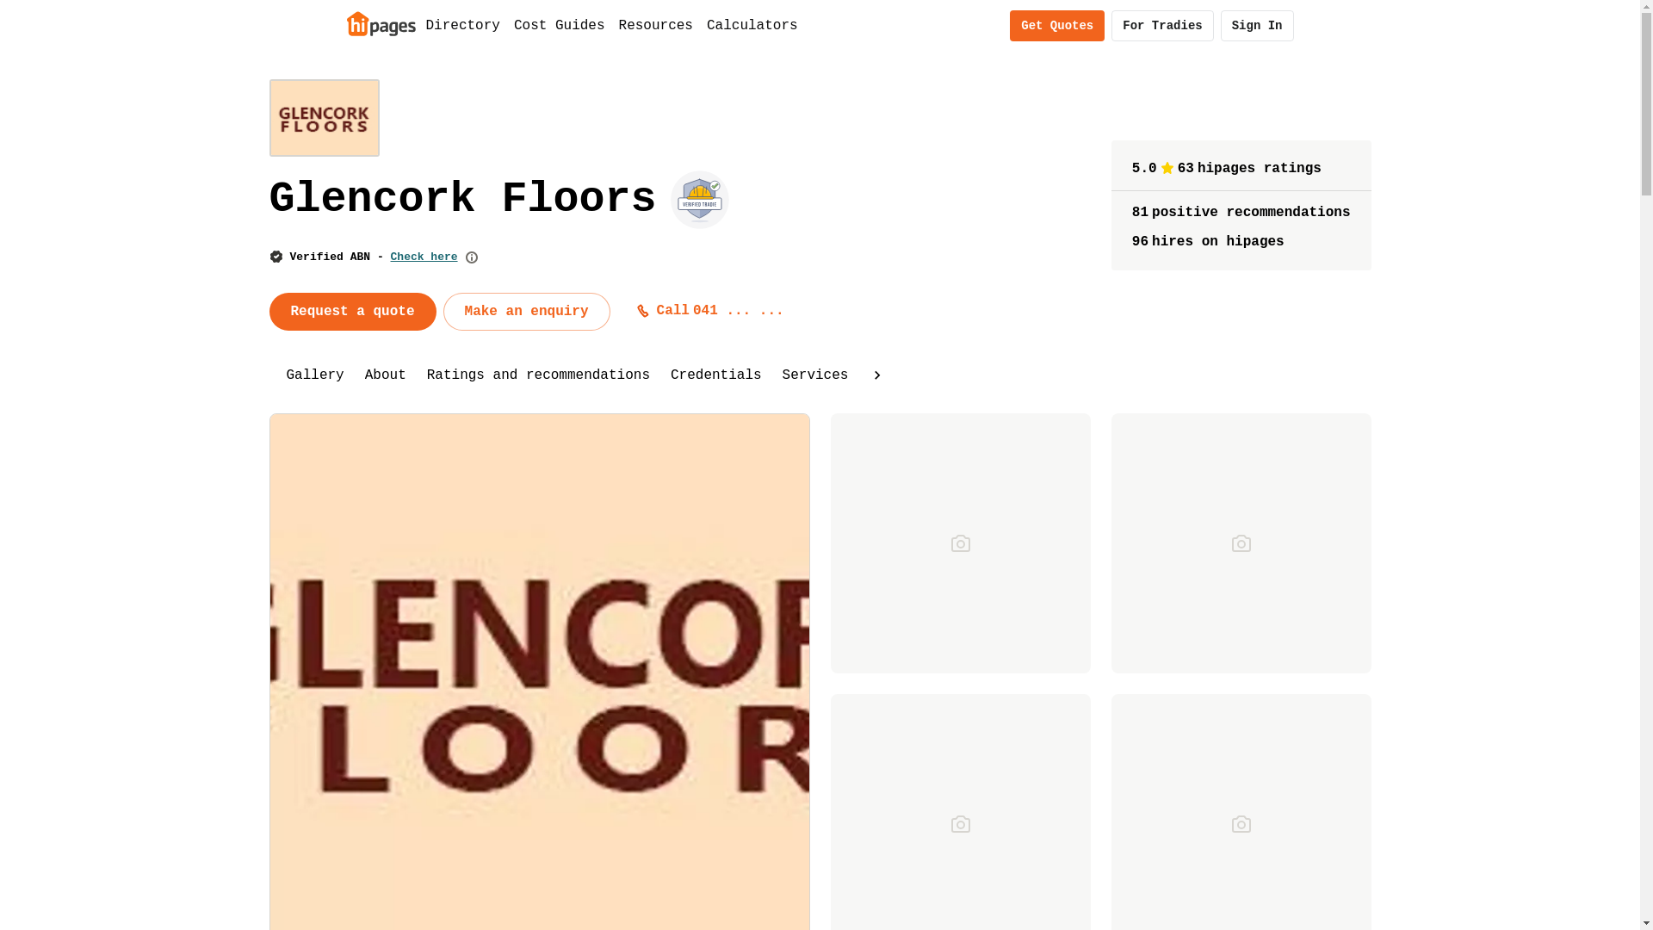  Describe the element at coordinates (814, 374) in the screenshot. I see `'Services'` at that location.